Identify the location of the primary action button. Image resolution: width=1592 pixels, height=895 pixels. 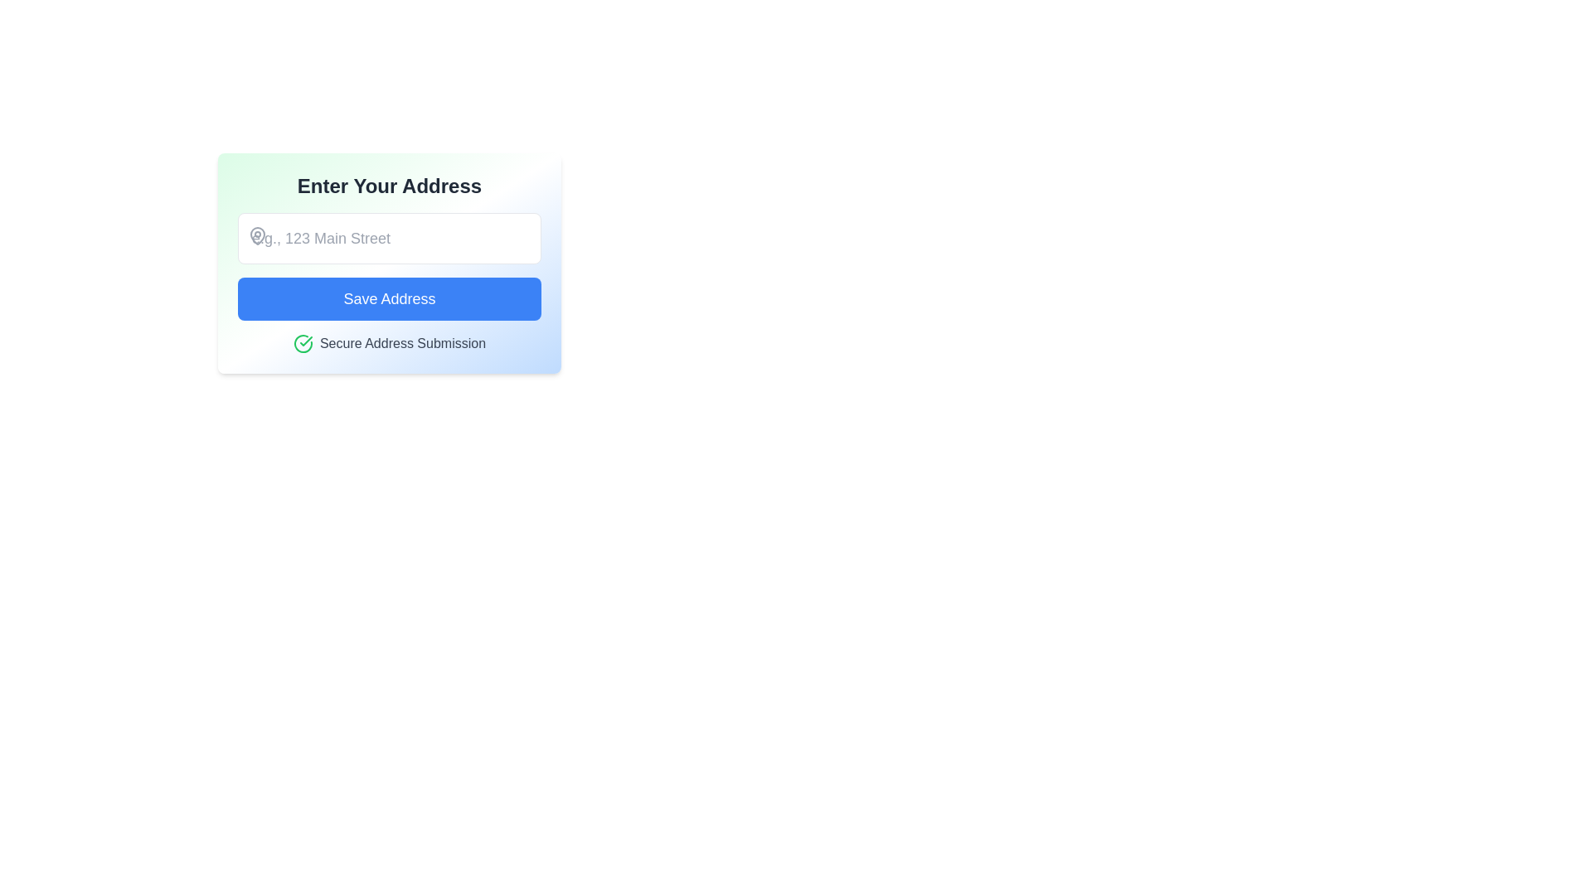
(389, 299).